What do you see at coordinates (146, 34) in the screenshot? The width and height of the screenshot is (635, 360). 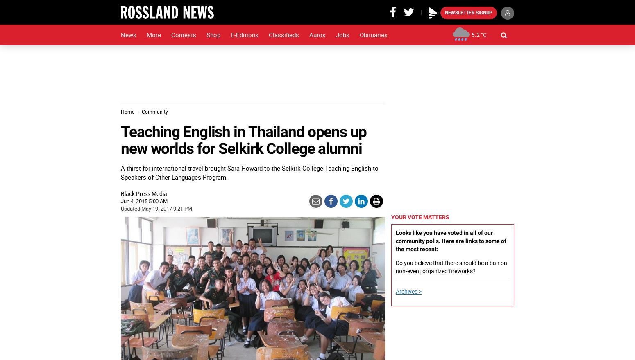 I see `'More'` at bounding box center [146, 34].